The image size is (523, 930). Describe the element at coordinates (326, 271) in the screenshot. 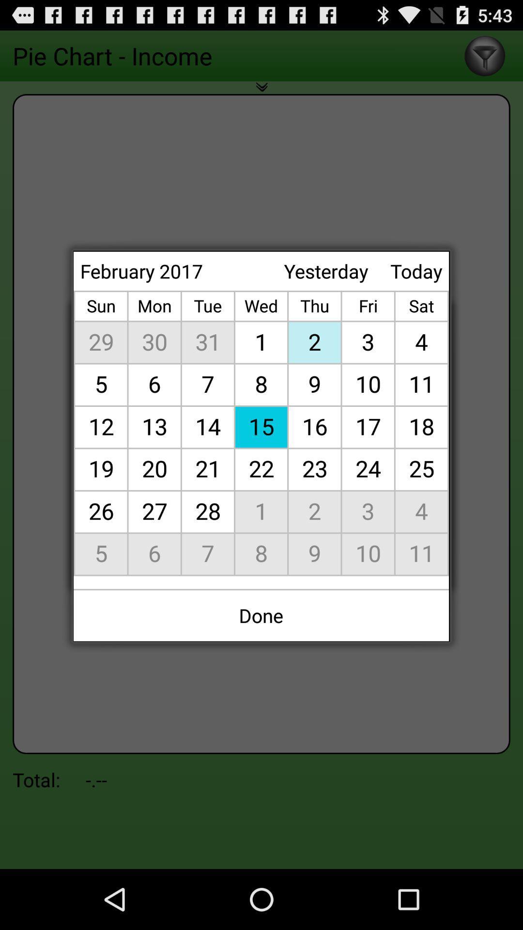

I see `icon to the left of the today icon` at that location.